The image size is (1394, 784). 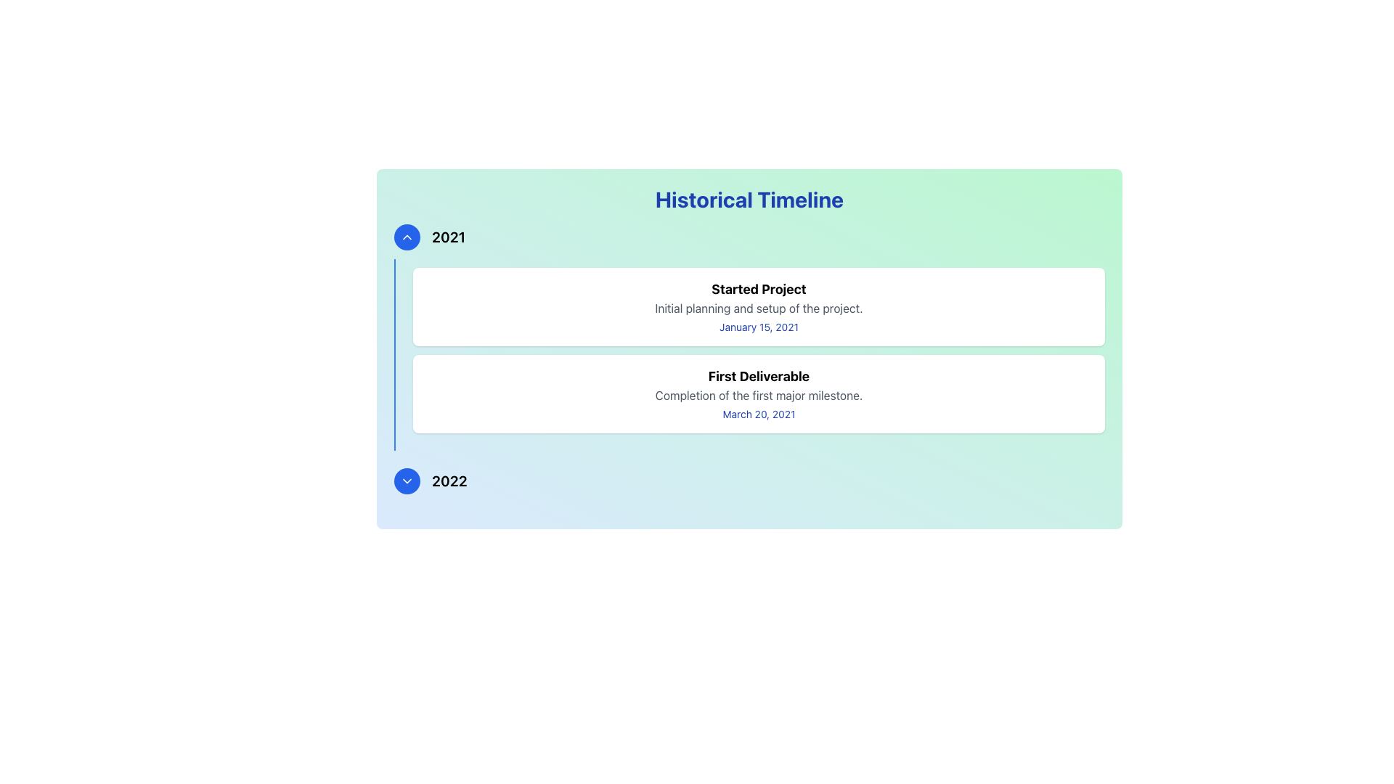 What do you see at coordinates (407, 481) in the screenshot?
I see `the chevron icon pointing downward, which is located within a blue circular button and associated with the year '2022' in the timeline` at bounding box center [407, 481].